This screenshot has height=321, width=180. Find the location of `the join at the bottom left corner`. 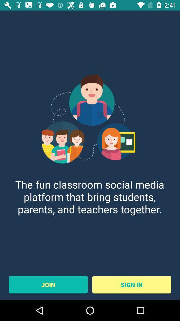

the join at the bottom left corner is located at coordinates (48, 284).